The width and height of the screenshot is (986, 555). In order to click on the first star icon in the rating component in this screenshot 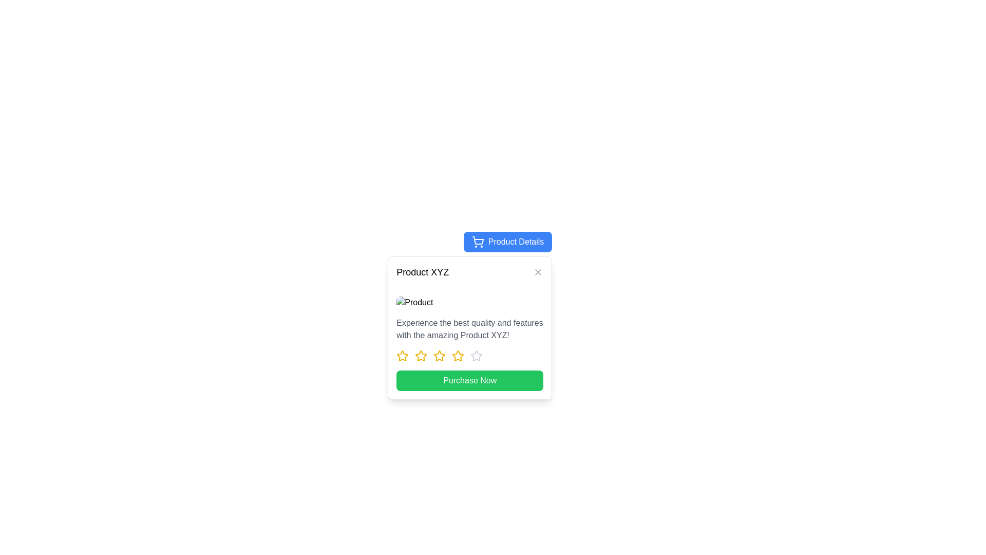, I will do `click(402, 355)`.